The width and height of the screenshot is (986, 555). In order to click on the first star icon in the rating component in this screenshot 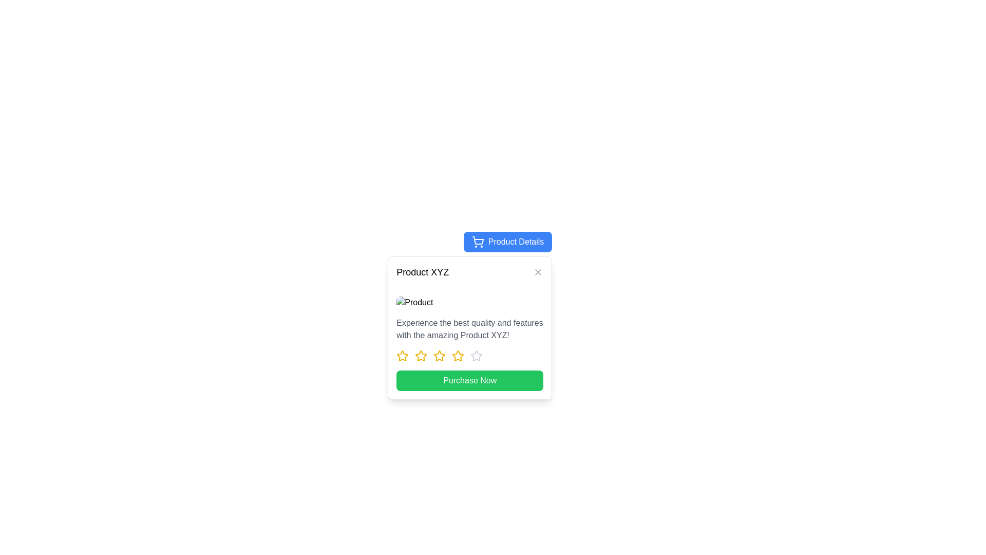, I will do `click(402, 355)`.